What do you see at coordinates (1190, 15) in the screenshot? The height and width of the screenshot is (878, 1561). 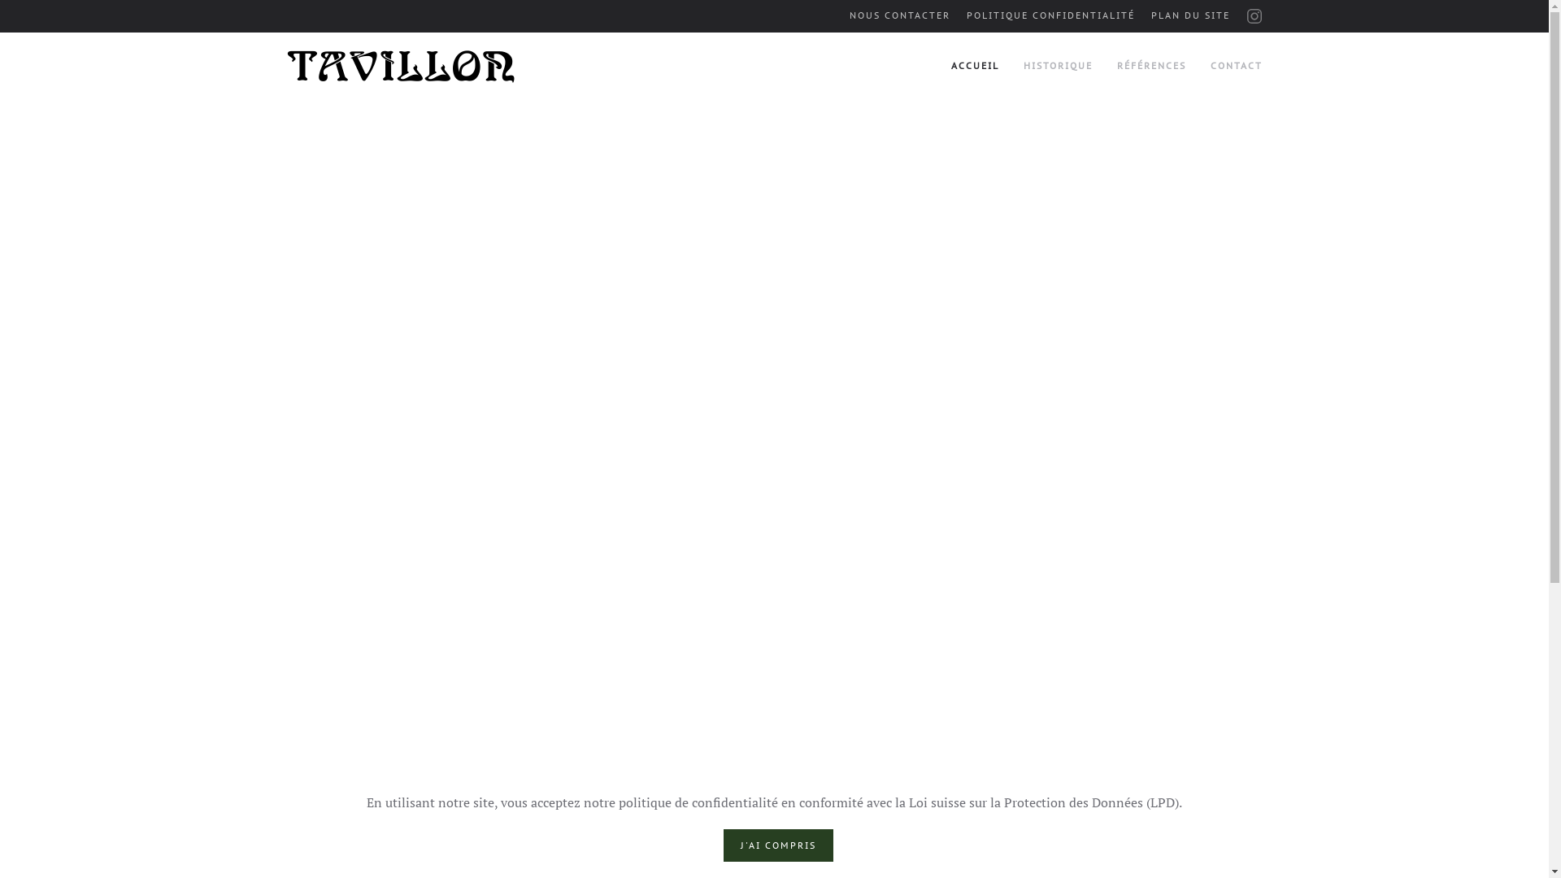 I see `'PLAN DU SITE'` at bounding box center [1190, 15].